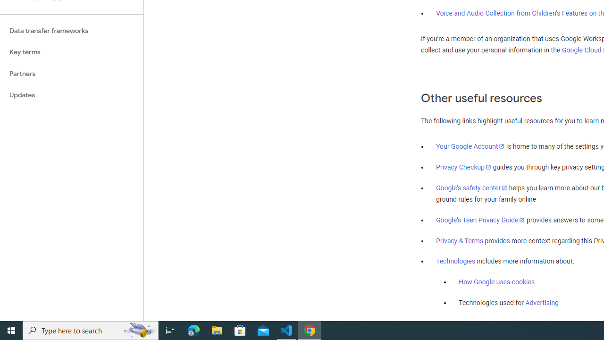  Describe the element at coordinates (71, 30) in the screenshot. I see `'Data transfer frameworks'` at that location.